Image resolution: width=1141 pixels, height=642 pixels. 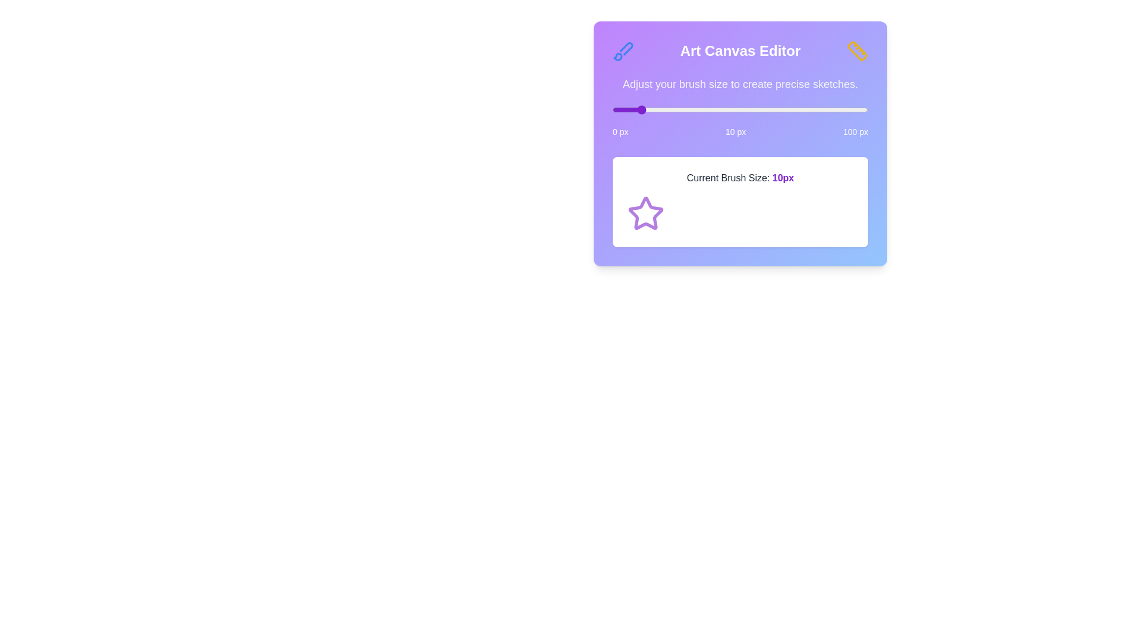 I want to click on the brush size slider to 73 px, so click(x=799, y=110).